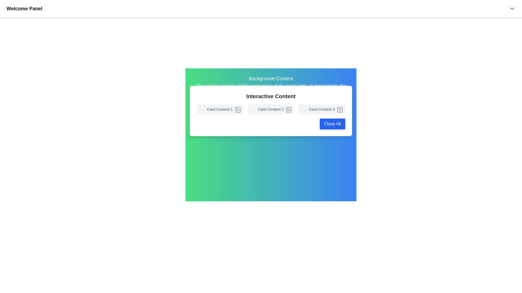  Describe the element at coordinates (271, 96) in the screenshot. I see `the header or title text that labels the content below, positioned at the top of a white box with rounded corners and shadow styling` at that location.